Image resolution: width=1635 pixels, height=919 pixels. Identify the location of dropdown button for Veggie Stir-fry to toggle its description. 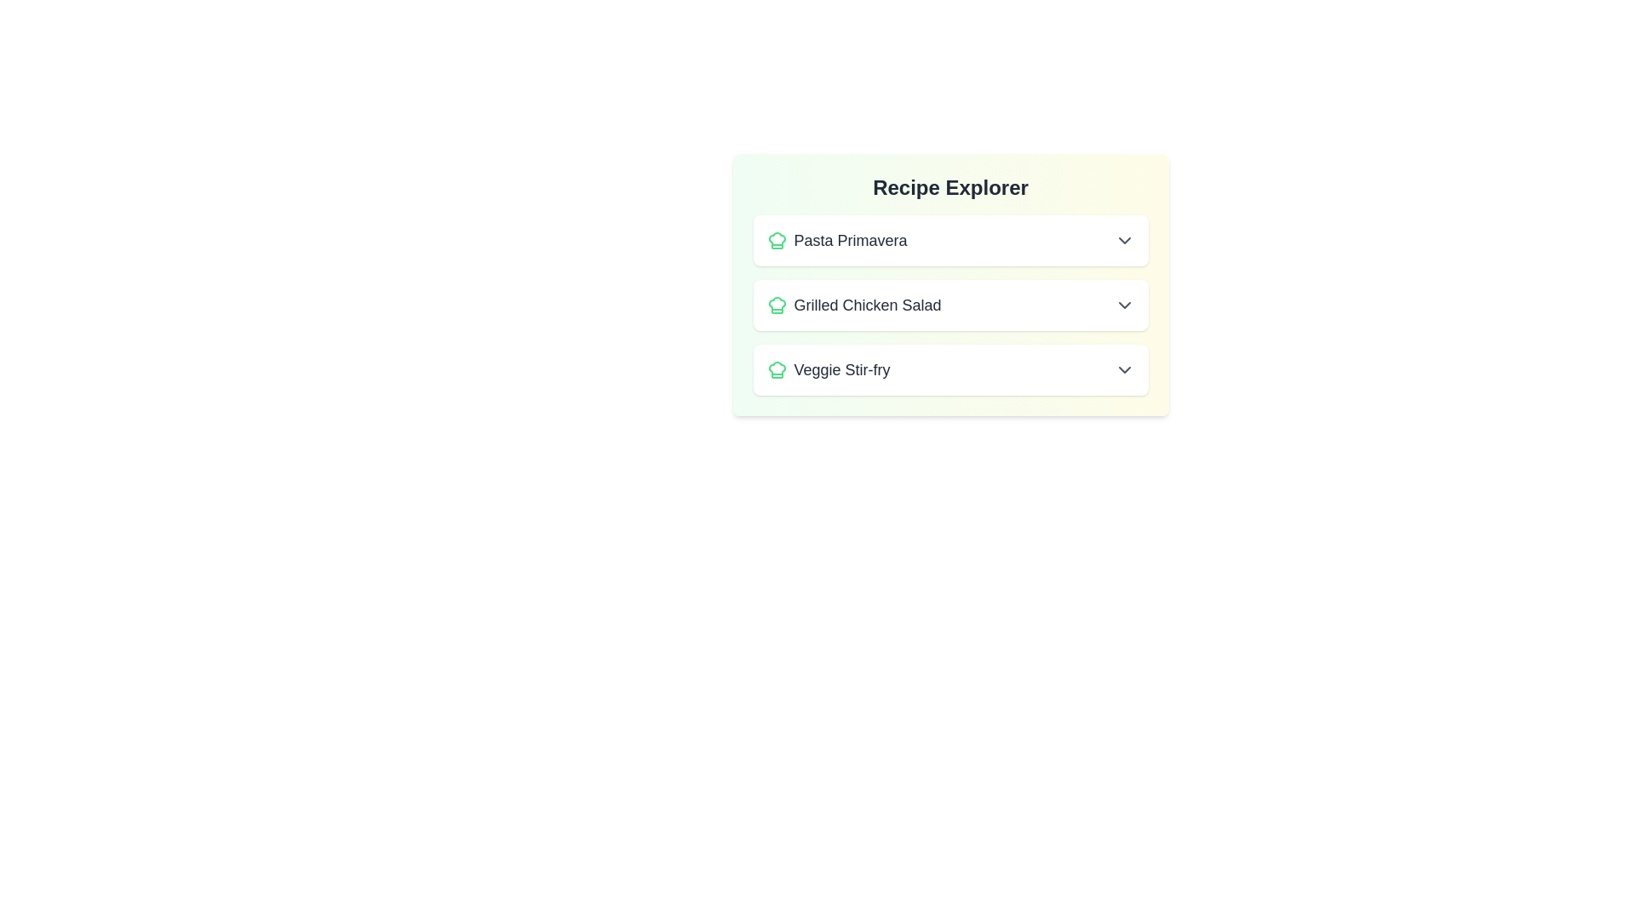
(1124, 369).